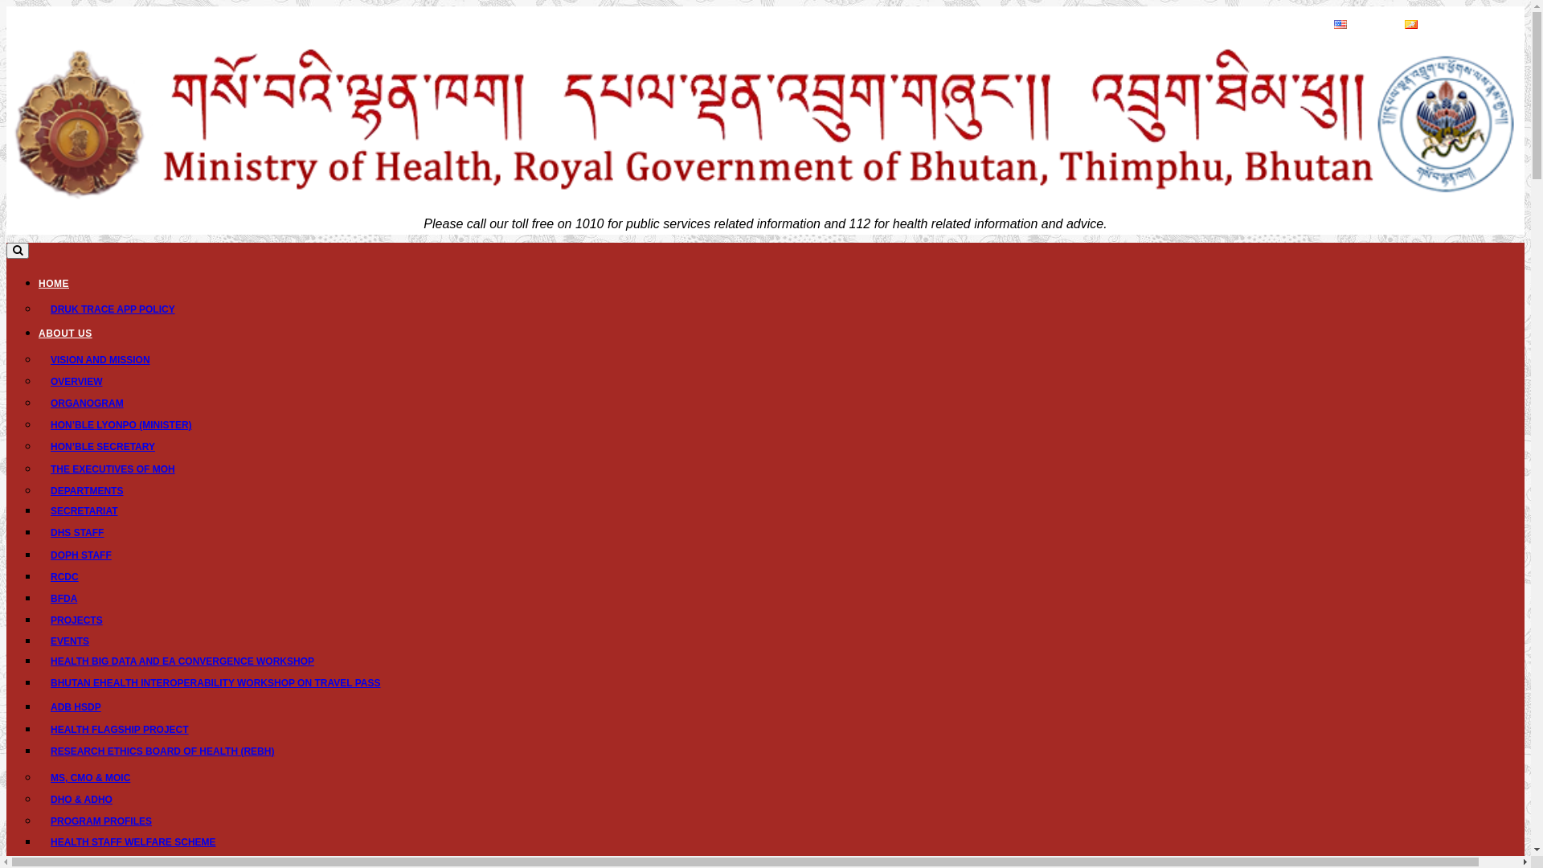 This screenshot has width=1543, height=868. What do you see at coordinates (99, 358) in the screenshot?
I see `'VISION AND MISSION'` at bounding box center [99, 358].